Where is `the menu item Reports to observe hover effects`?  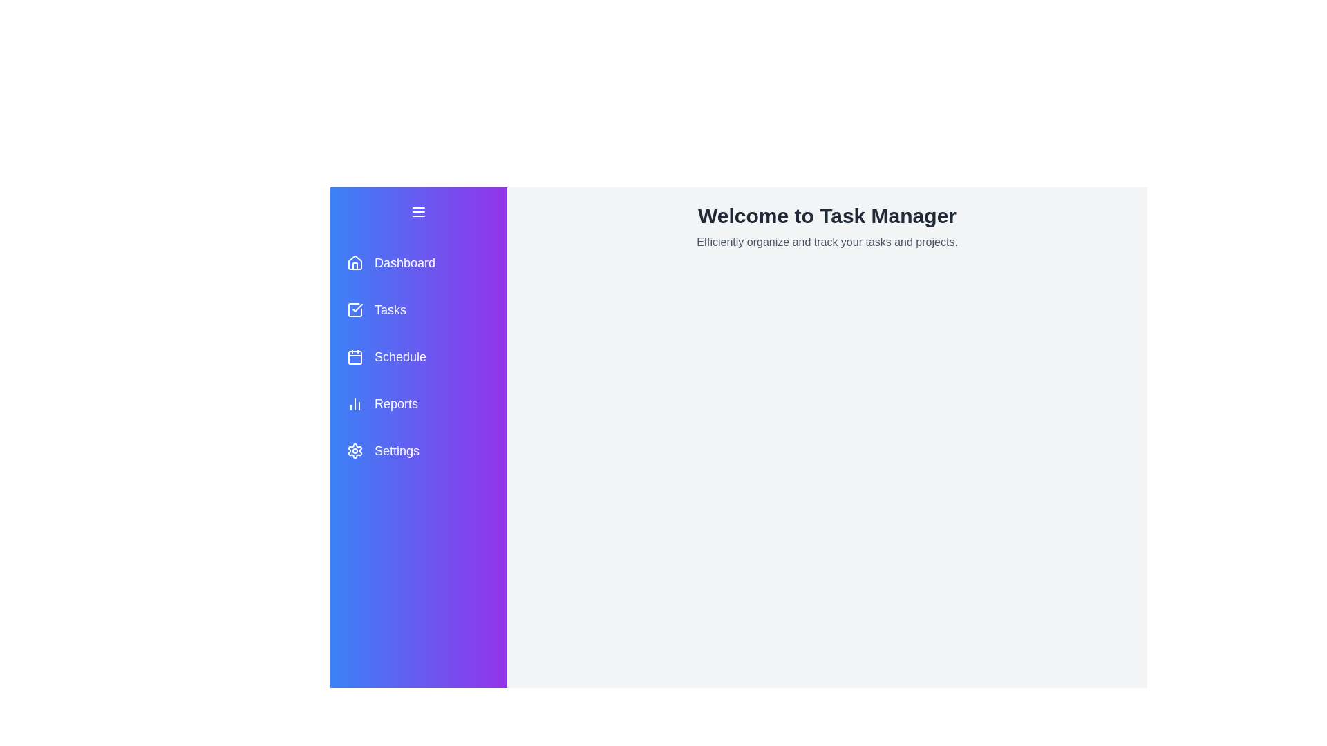
the menu item Reports to observe hover effects is located at coordinates (417, 404).